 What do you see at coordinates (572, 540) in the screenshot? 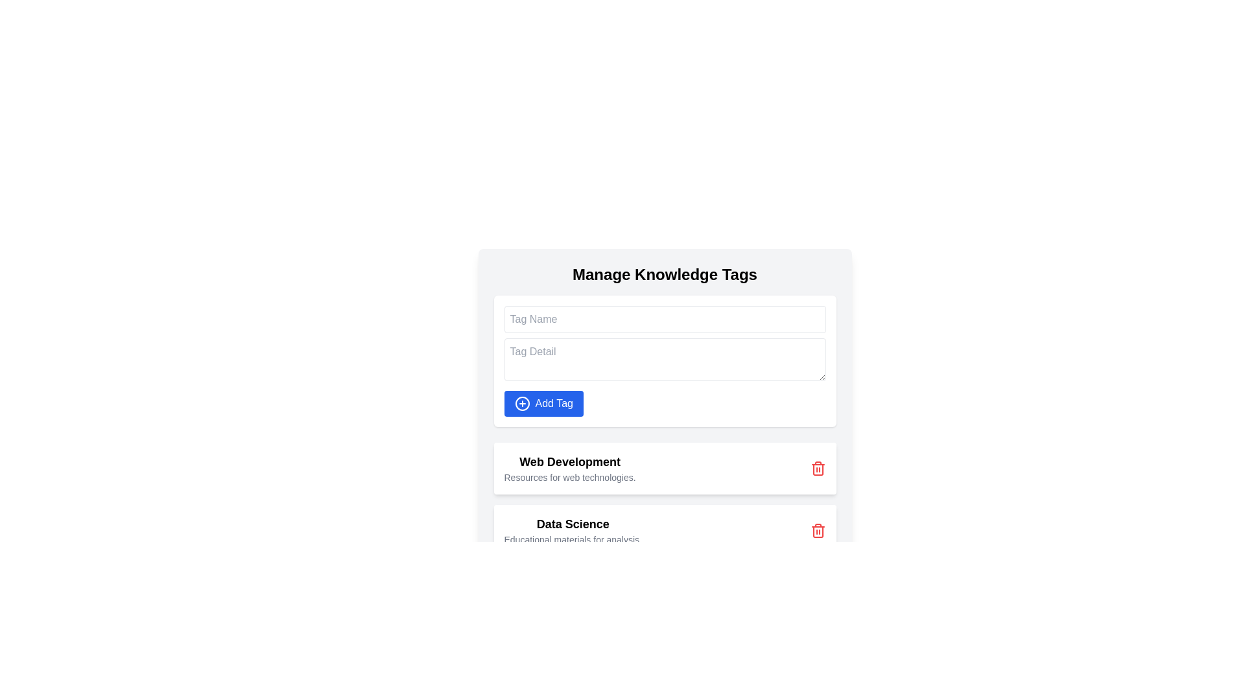
I see `the text label displaying 'Educational materials for analysis', which is styled in a small gray font and located below the title 'Data Science'` at bounding box center [572, 540].